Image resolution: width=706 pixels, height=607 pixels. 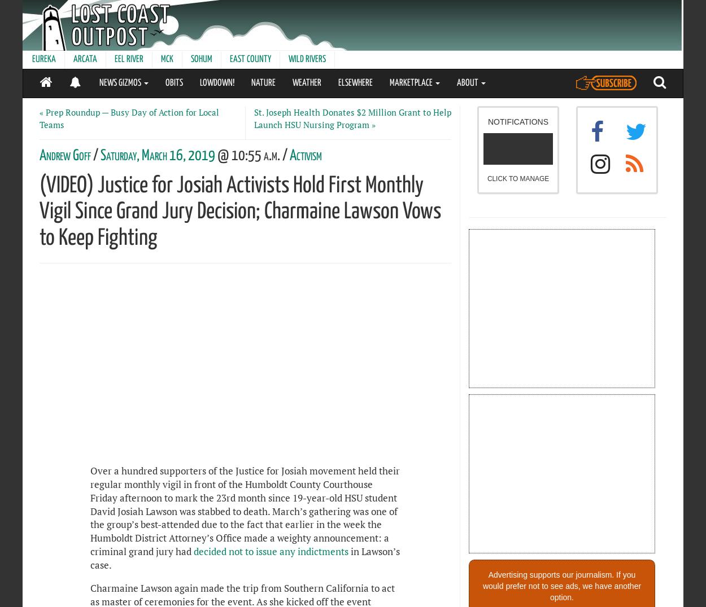 I want to click on 'ARCATA', so click(x=85, y=59).